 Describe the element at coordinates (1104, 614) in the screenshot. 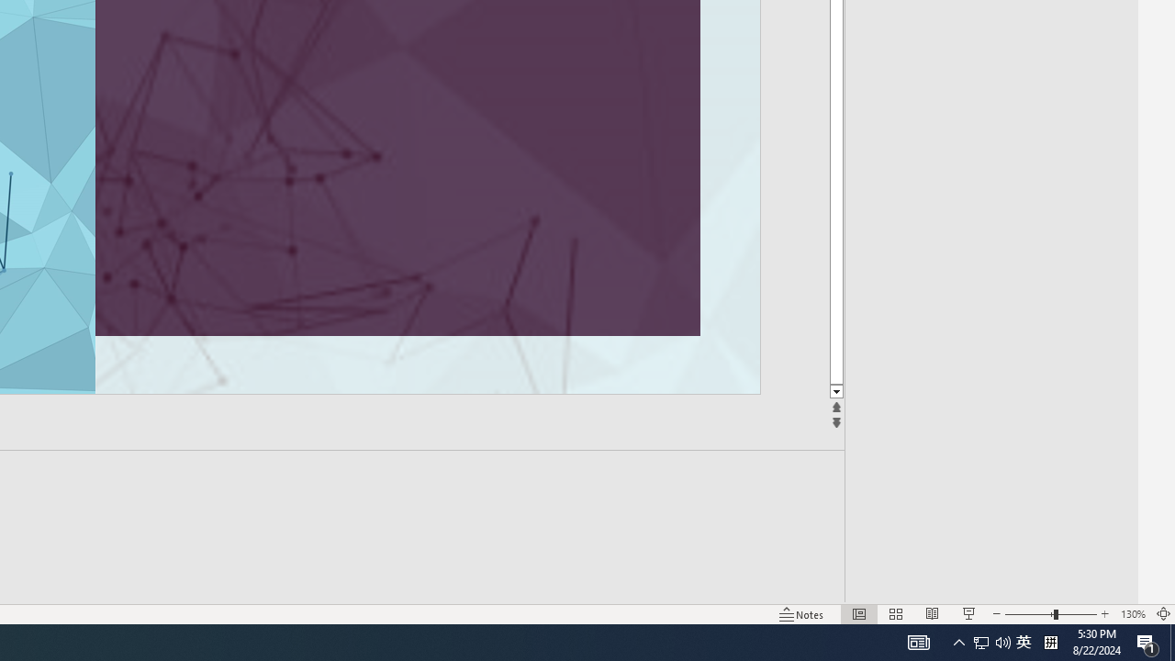

I see `'Zoom In'` at that location.